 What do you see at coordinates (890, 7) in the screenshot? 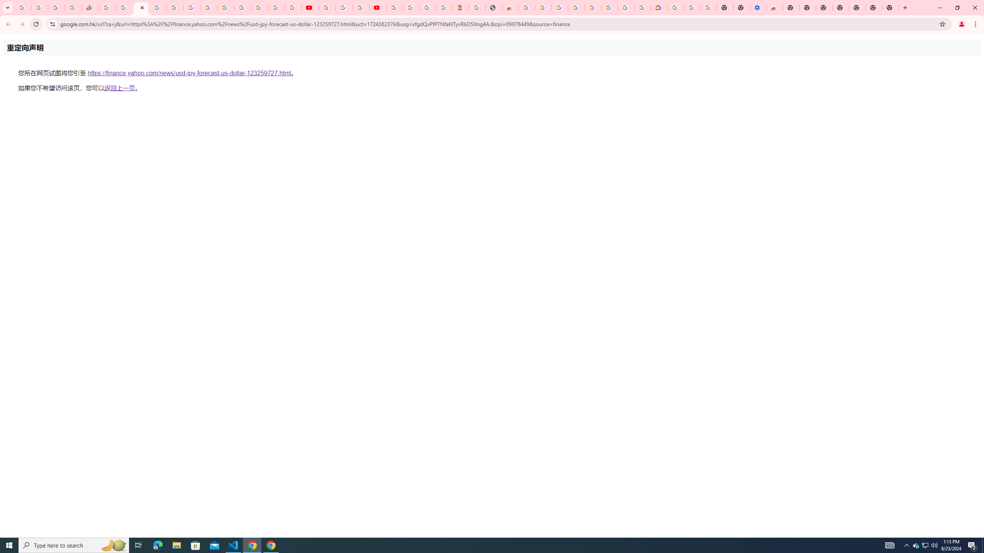
I see `'New Tab'` at bounding box center [890, 7].